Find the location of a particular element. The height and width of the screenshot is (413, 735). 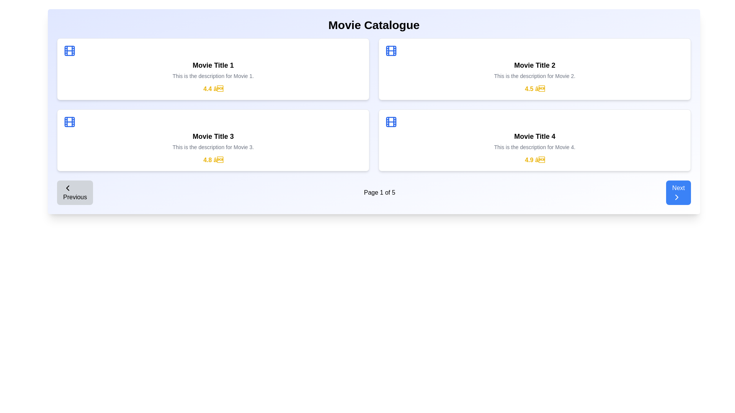

the Rating display text styled with bold yellow font displaying '4.9 â¨â' located in the fourth movie card below the movie title 'Movie Title 4' is located at coordinates (534, 159).